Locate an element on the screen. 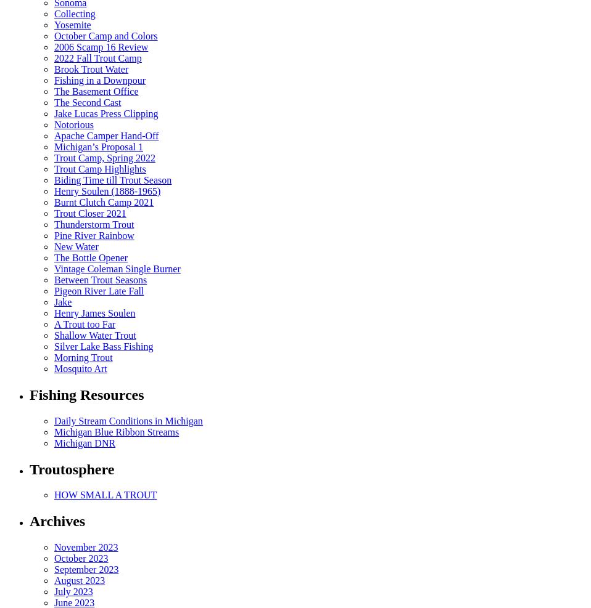 This screenshot has height=608, width=591. 'Biding Time till Trout Season' is located at coordinates (112, 179).